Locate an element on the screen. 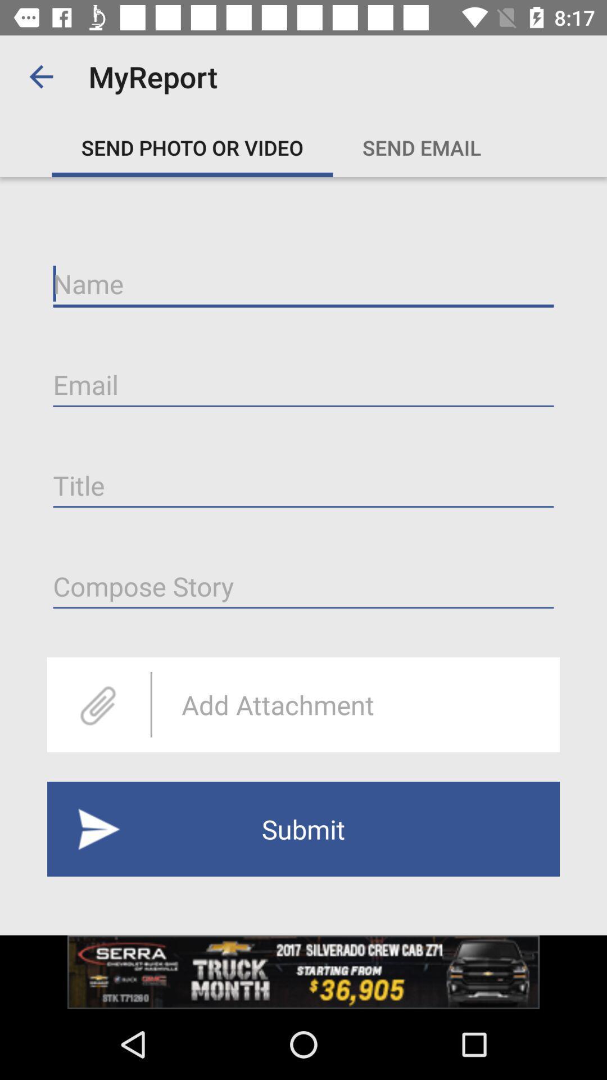 This screenshot has height=1080, width=607. advertisement is located at coordinates (303, 971).